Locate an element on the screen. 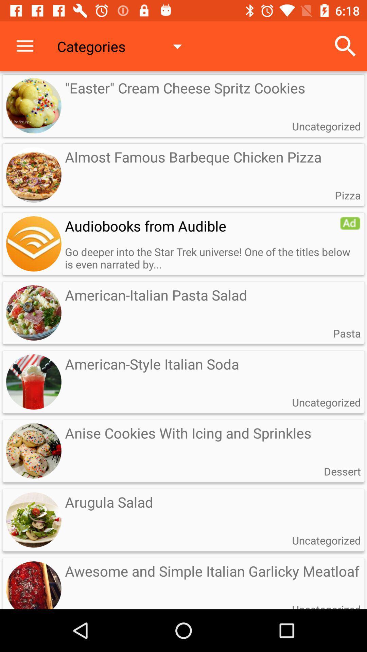 This screenshot has width=367, height=652. click for advertisement is located at coordinates (34, 244).